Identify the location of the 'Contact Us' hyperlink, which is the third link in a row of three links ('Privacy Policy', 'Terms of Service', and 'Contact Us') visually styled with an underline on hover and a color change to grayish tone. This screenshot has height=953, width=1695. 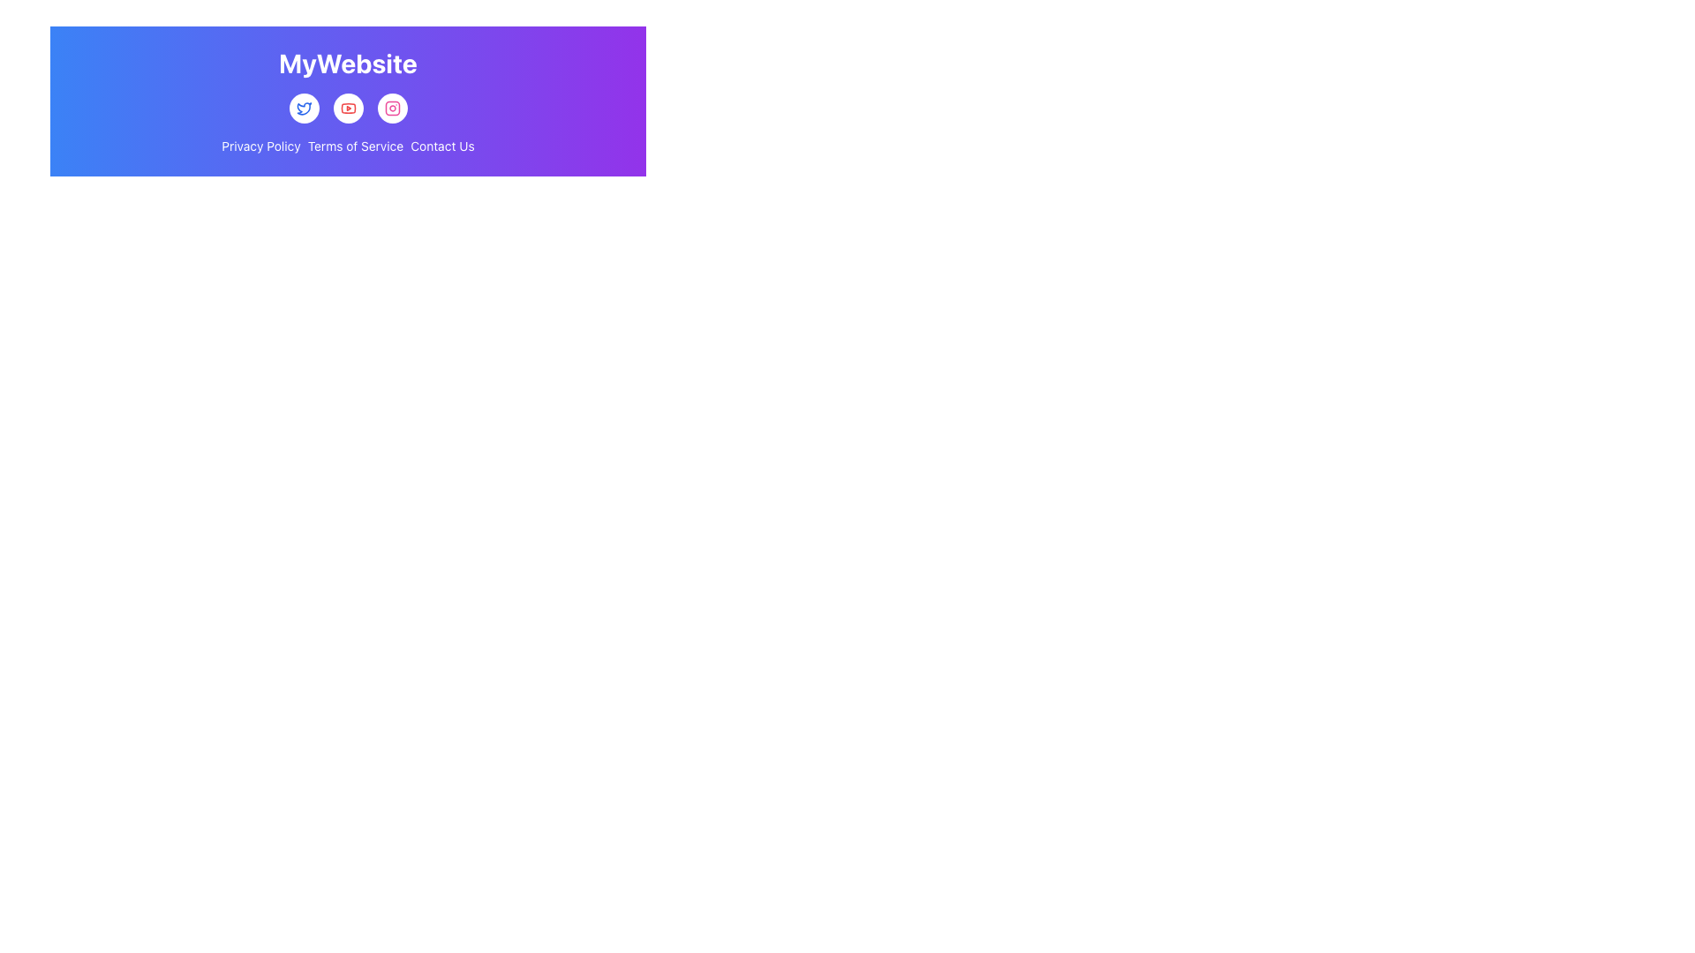
(442, 145).